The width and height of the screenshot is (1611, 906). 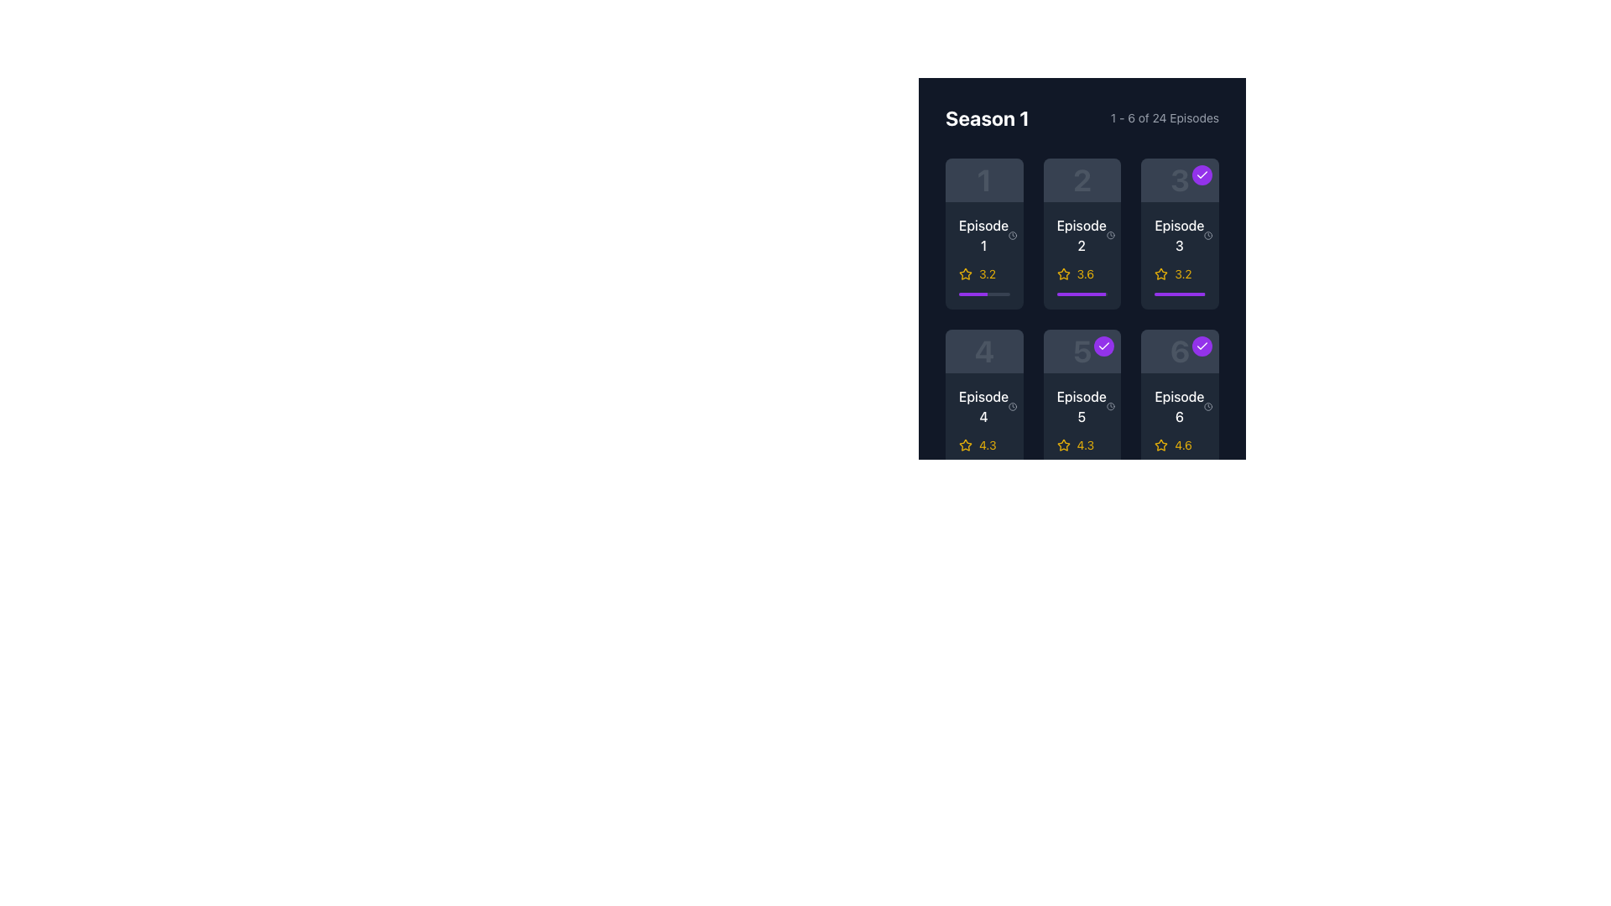 I want to click on text displayed in the bold white font of the 'Episode 3' label located in the upper text part of the episode card in the top-right corner of the 2x3 grid layout, so click(x=1178, y=236).